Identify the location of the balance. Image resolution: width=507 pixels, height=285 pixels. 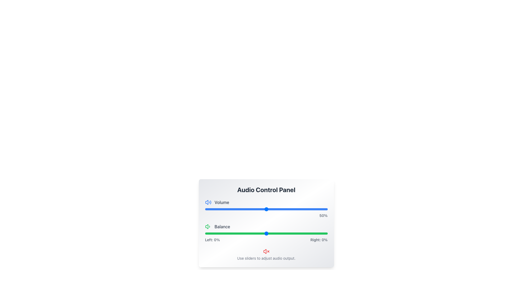
(297, 233).